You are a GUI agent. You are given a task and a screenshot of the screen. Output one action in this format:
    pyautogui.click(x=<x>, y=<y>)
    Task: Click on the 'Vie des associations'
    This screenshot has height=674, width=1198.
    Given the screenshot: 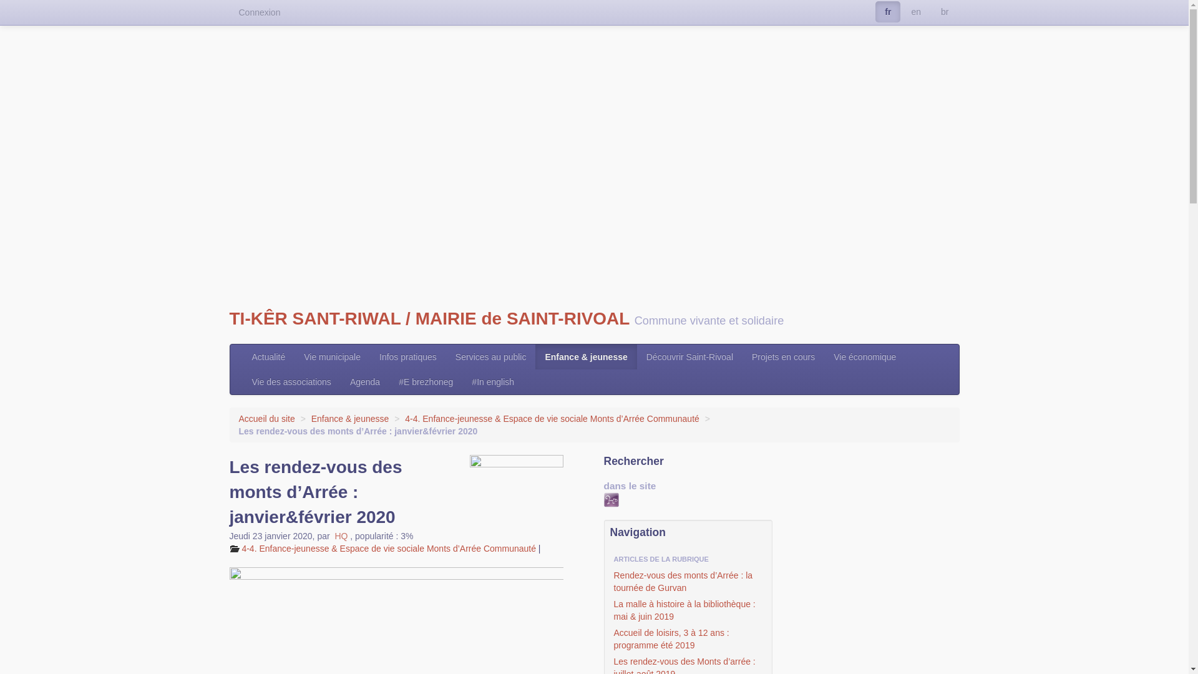 What is the action you would take?
    pyautogui.click(x=290, y=381)
    